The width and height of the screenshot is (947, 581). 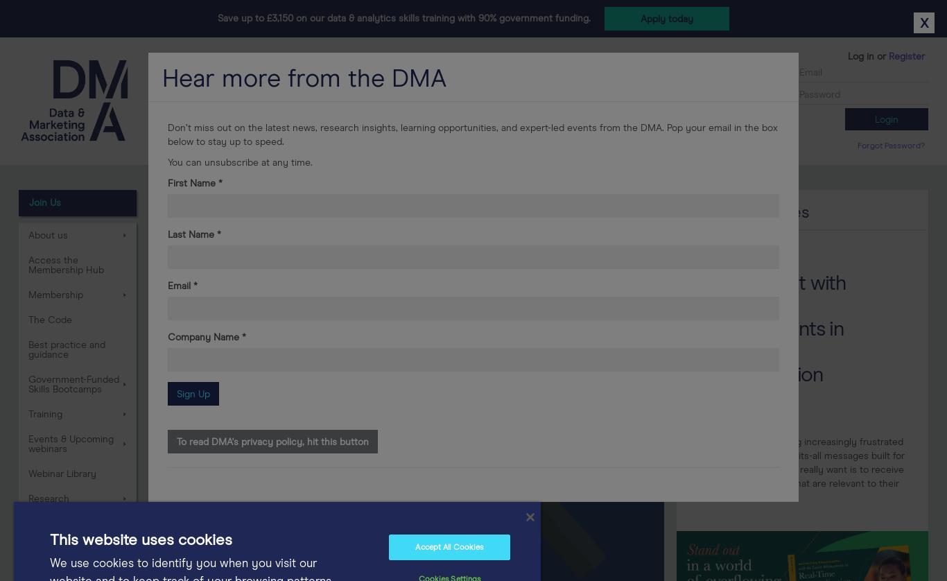 What do you see at coordinates (45, 202) in the screenshot?
I see `'Join Us'` at bounding box center [45, 202].